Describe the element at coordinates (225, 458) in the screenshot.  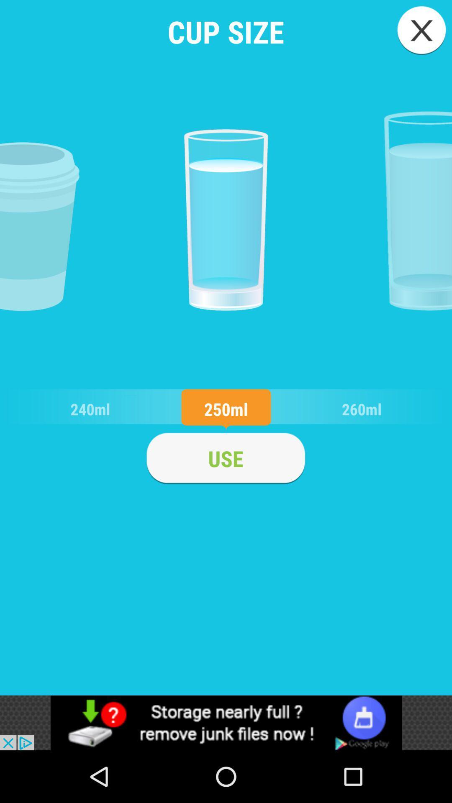
I see `the add icon` at that location.